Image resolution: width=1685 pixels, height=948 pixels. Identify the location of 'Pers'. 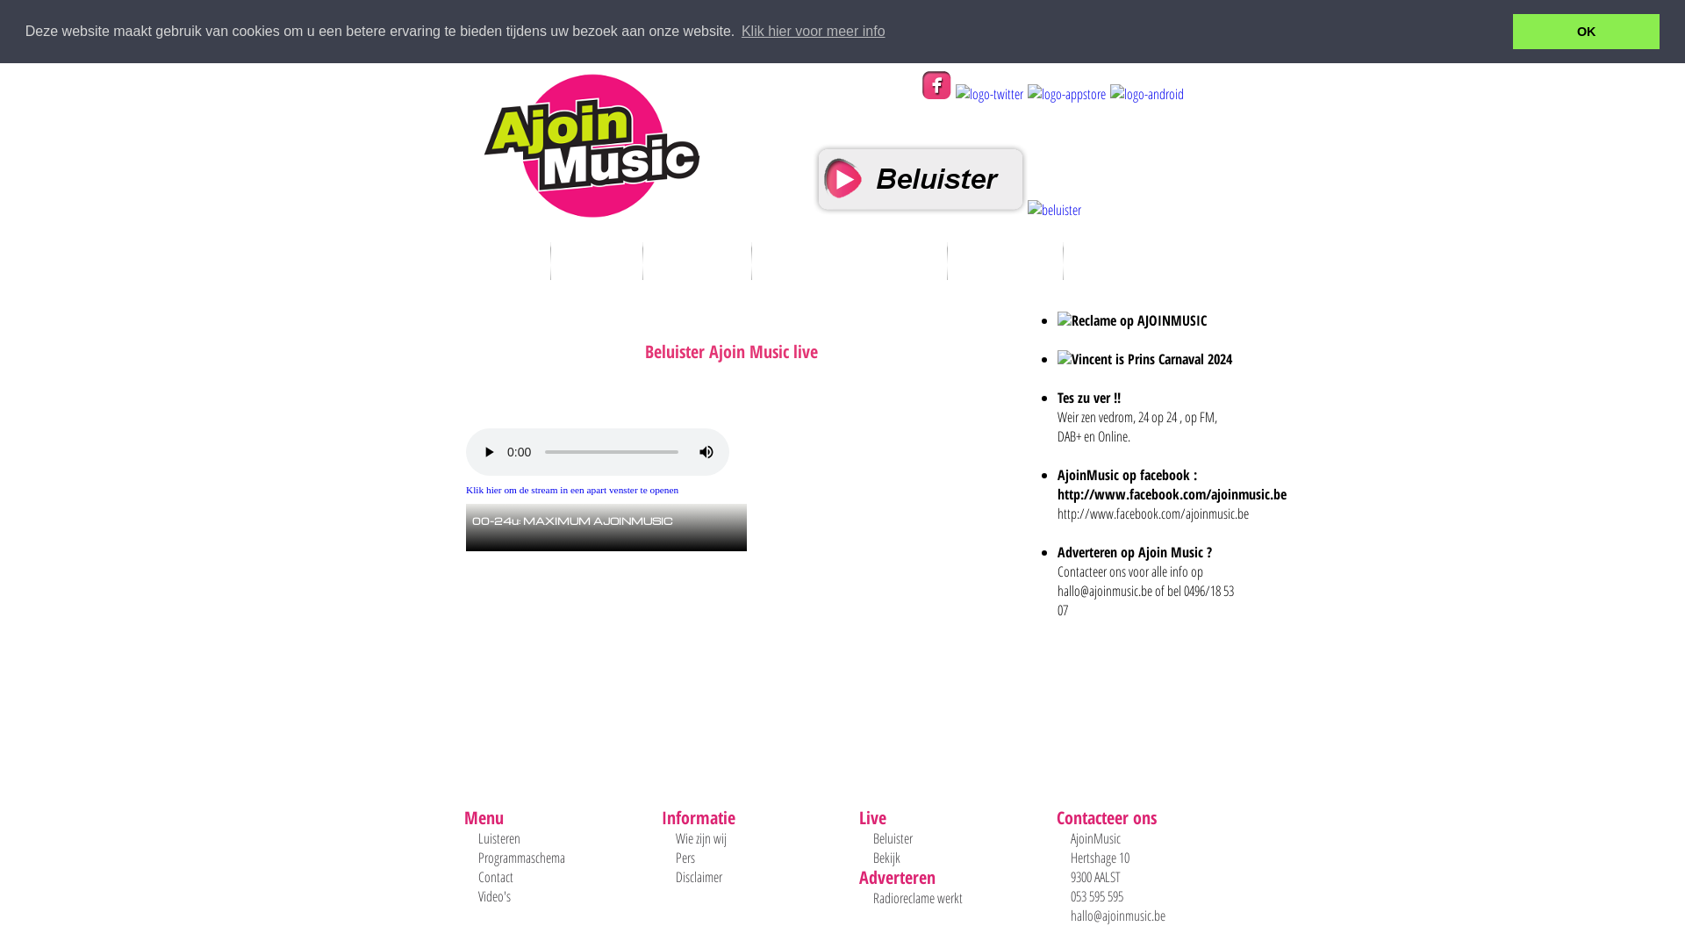
(685, 856).